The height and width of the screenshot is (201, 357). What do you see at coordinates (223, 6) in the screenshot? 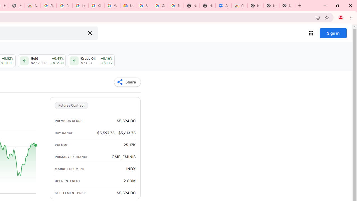
I see `'Settings - Accessibility'` at bounding box center [223, 6].